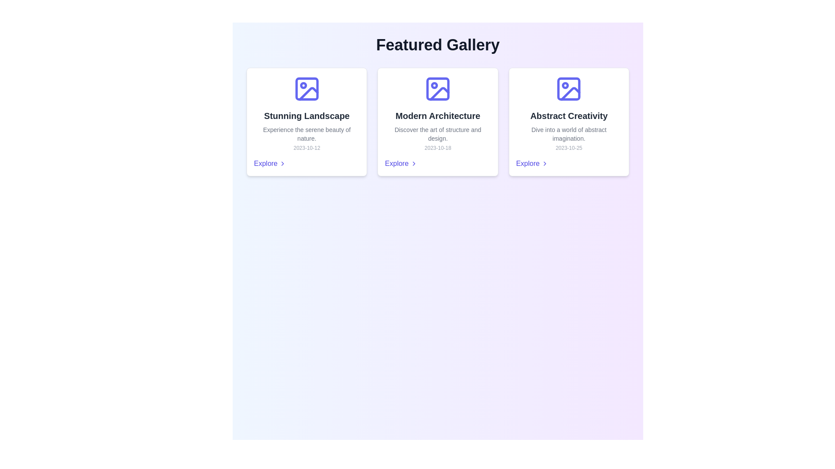 Image resolution: width=835 pixels, height=469 pixels. What do you see at coordinates (565, 85) in the screenshot?
I see `the small indigo circle SVG element located at the top of the 'Abstract Creativity' card` at bounding box center [565, 85].